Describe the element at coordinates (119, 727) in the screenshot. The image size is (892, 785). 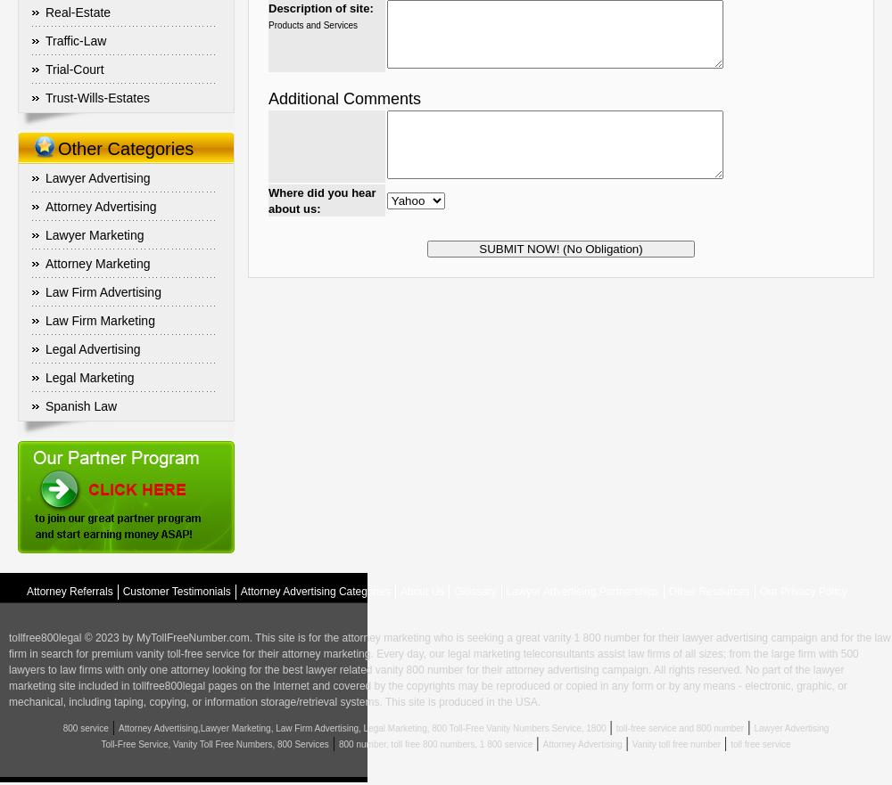
I see `'Attorney Advertising,Lawyer Marketing, Law Firm Advertising,  Legal Marketing, 800 Toll-Free Vanity Numbers Service, 1800'` at that location.